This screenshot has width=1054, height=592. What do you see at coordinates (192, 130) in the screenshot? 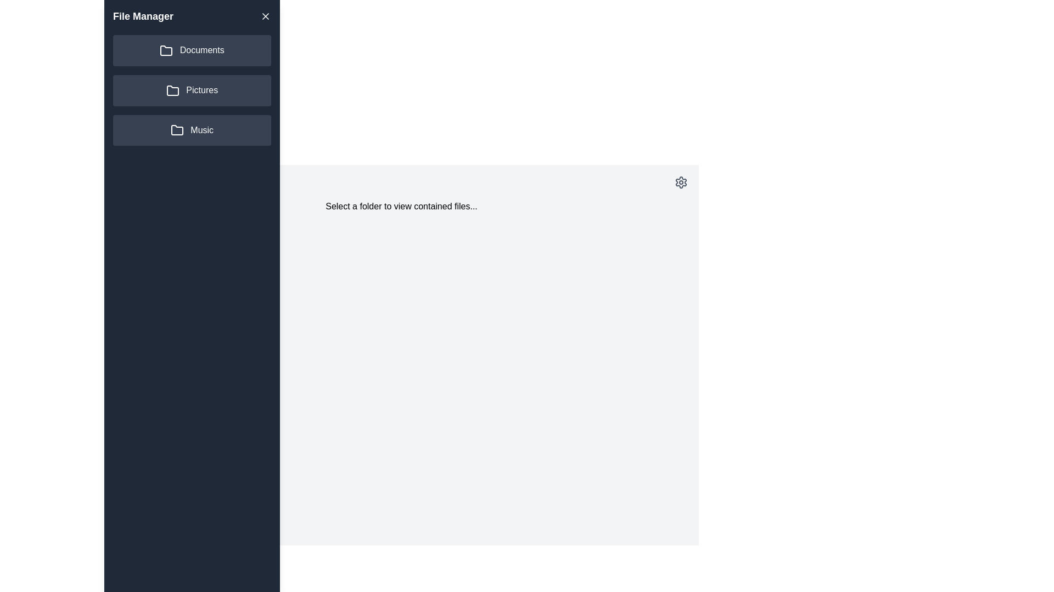
I see `the folder named Music` at bounding box center [192, 130].